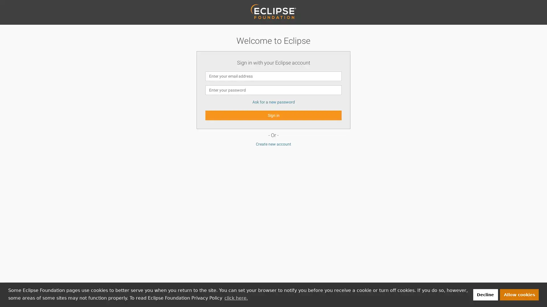  What do you see at coordinates (236, 298) in the screenshot?
I see `learn more about cookies` at bounding box center [236, 298].